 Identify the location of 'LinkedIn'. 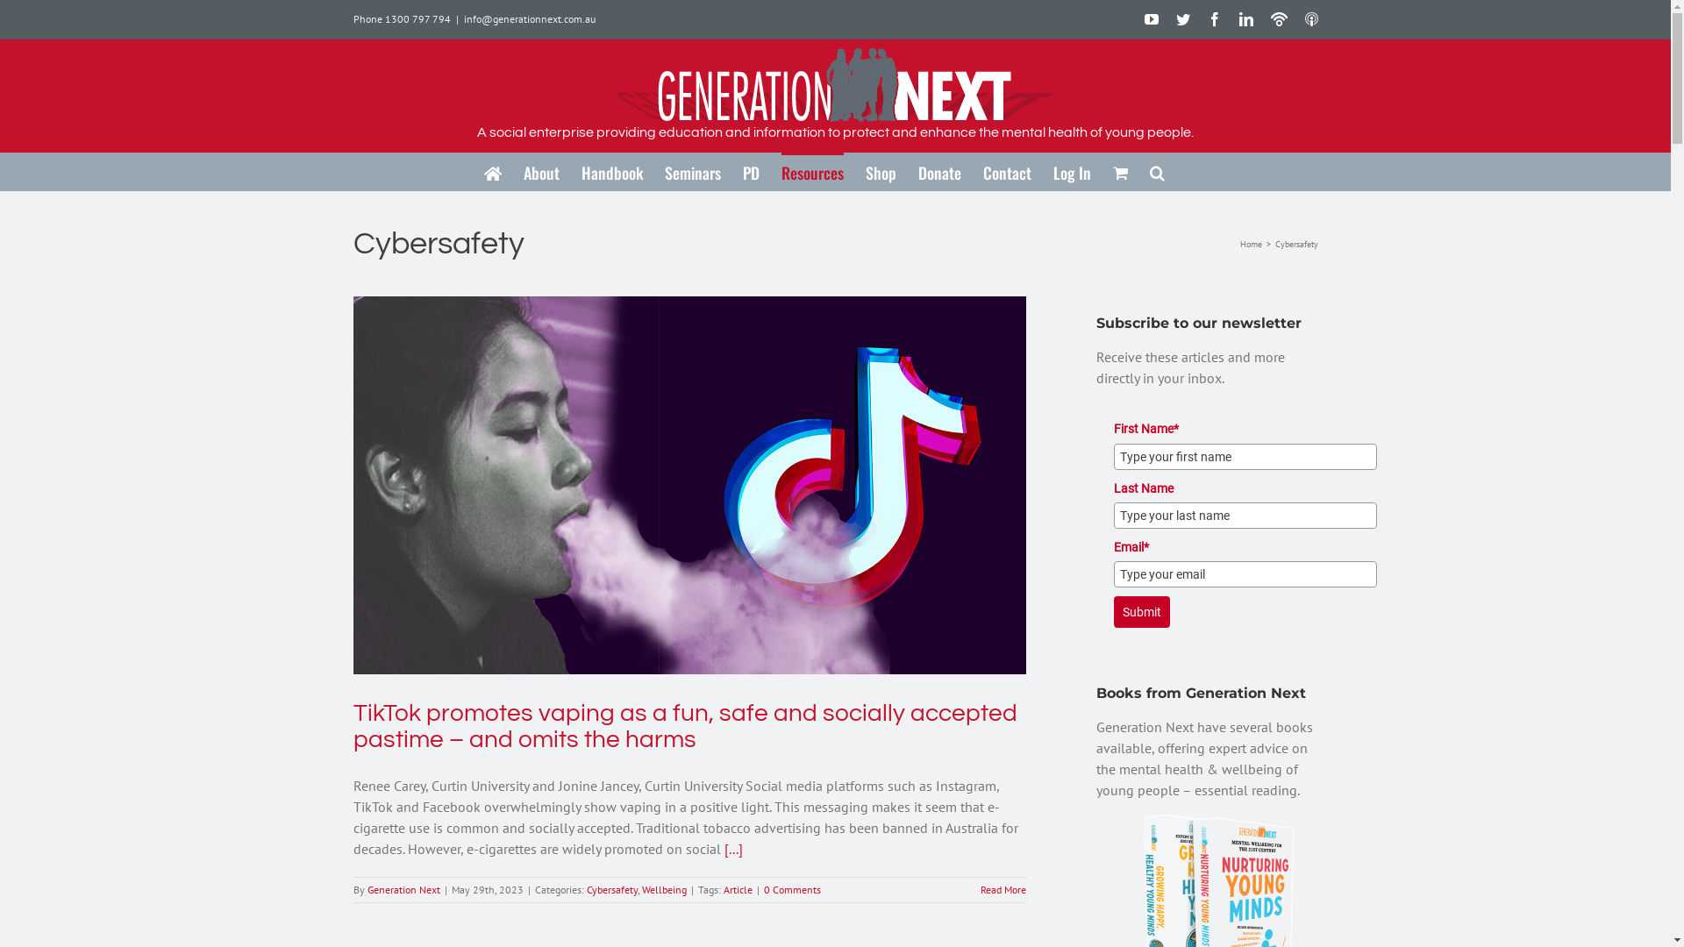
(1245, 19).